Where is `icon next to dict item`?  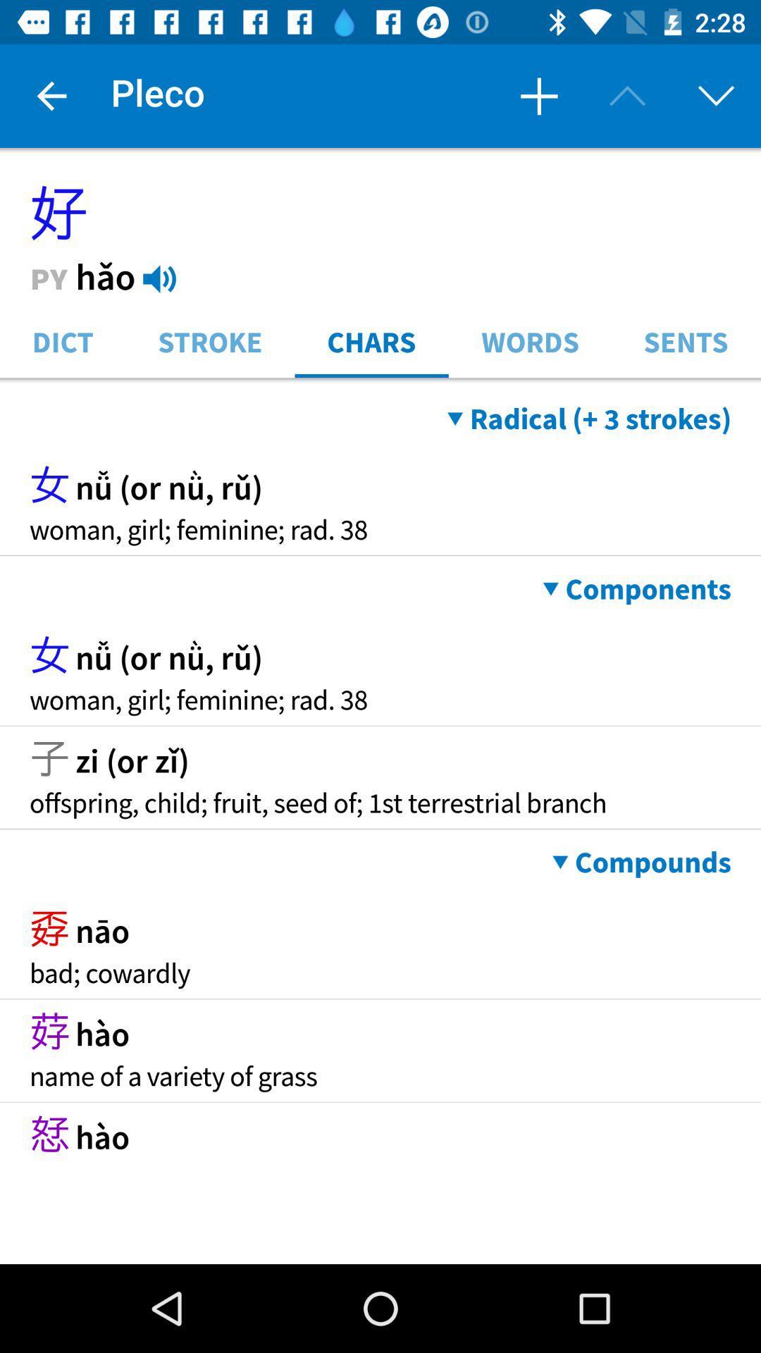
icon next to dict item is located at coordinates (210, 340).